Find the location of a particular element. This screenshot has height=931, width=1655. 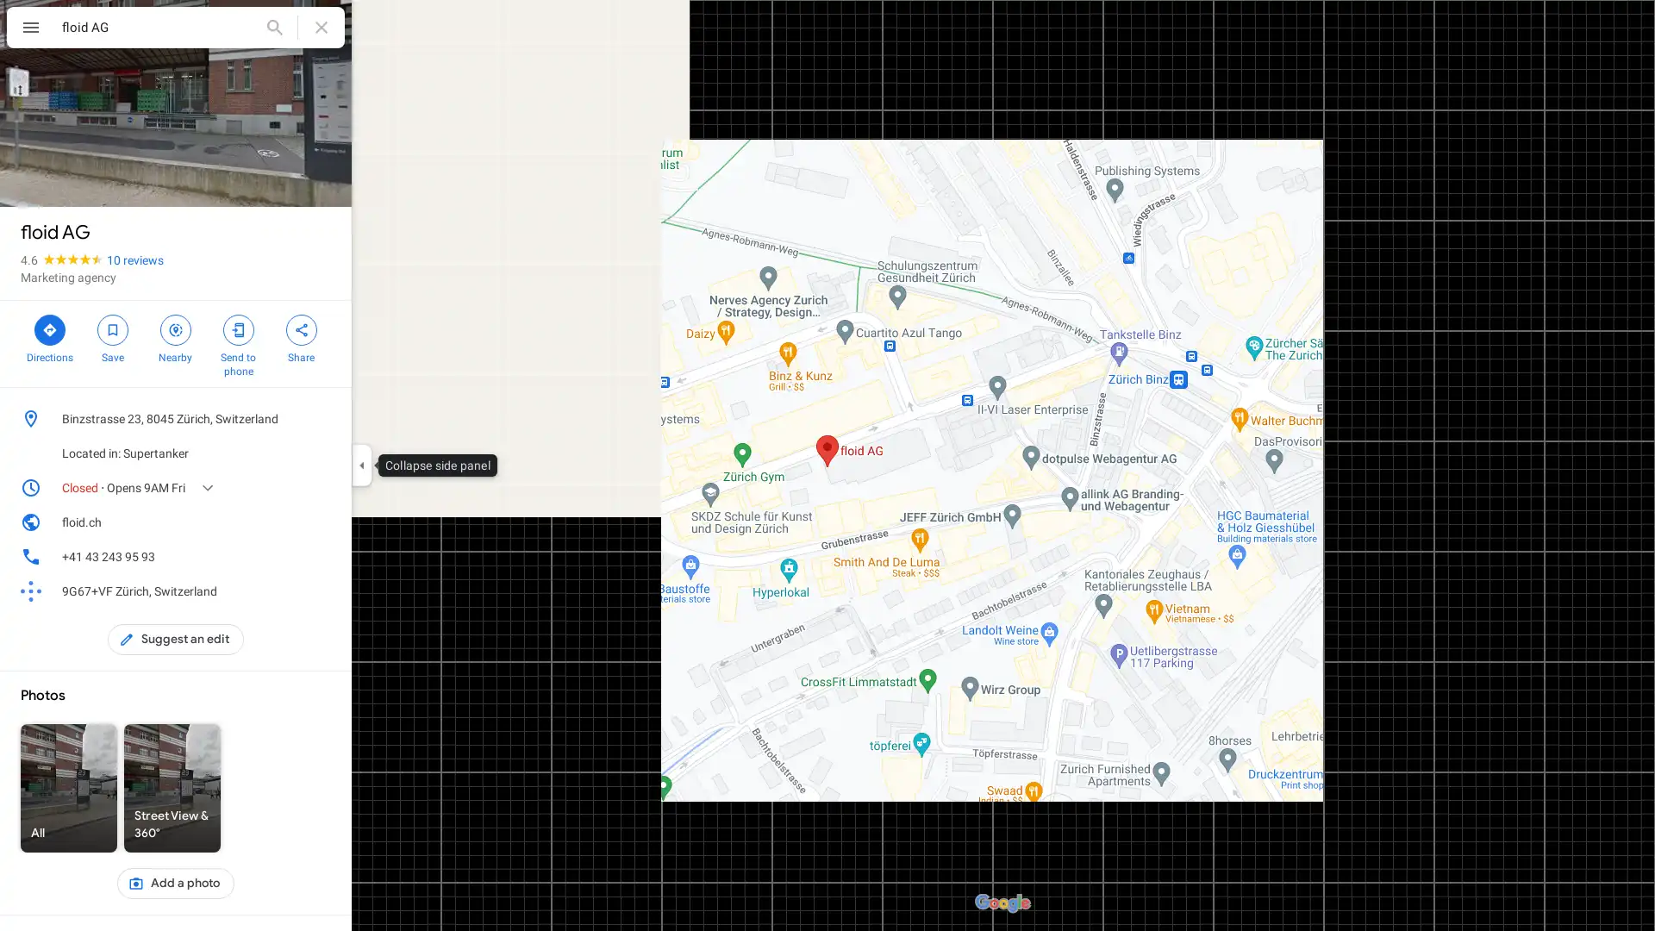

Copy plus code is located at coordinates (297, 590).